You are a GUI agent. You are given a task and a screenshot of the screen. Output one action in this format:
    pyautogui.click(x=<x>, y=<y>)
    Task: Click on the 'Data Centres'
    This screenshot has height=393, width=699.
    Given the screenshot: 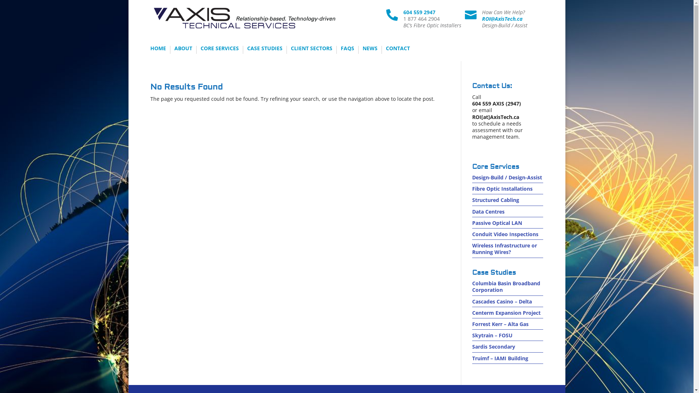 What is the action you would take?
    pyautogui.click(x=488, y=211)
    